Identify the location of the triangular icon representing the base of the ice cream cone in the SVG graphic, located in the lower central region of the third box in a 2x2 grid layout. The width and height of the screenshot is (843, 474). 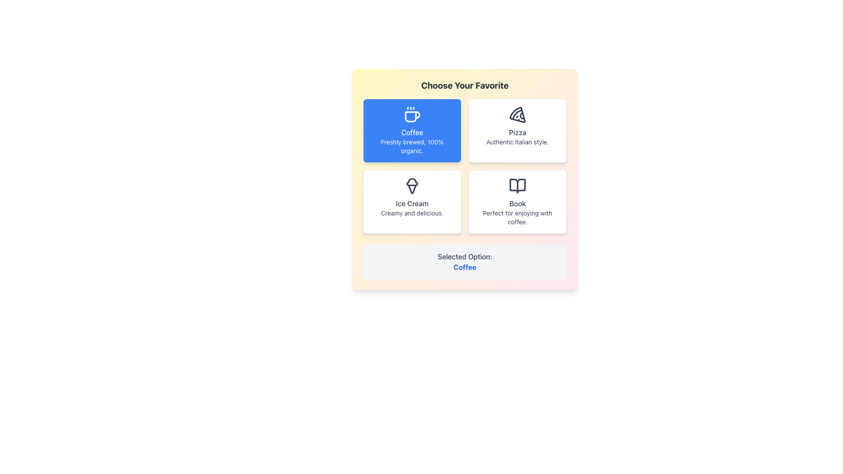
(412, 189).